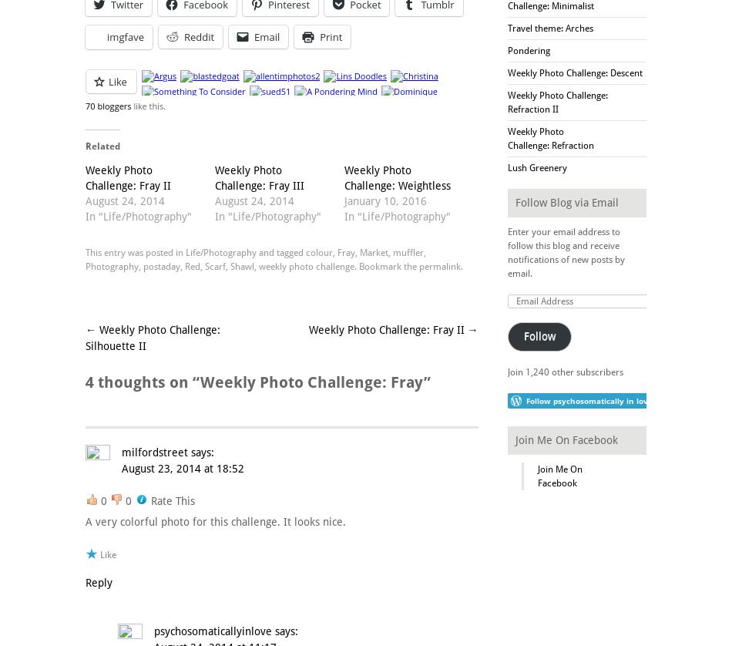 This screenshot has height=646, width=732. I want to click on 'A very colorful photo for this challenge. It looks nice.', so click(85, 520).